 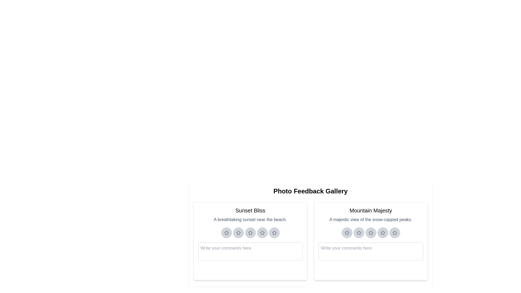 What do you see at coordinates (395, 232) in the screenshot?
I see `the fifth star button, which is a circular button with a star icon inside, located below 'Mountain Majesty' and above the comment input box, to provide a rating` at bounding box center [395, 232].